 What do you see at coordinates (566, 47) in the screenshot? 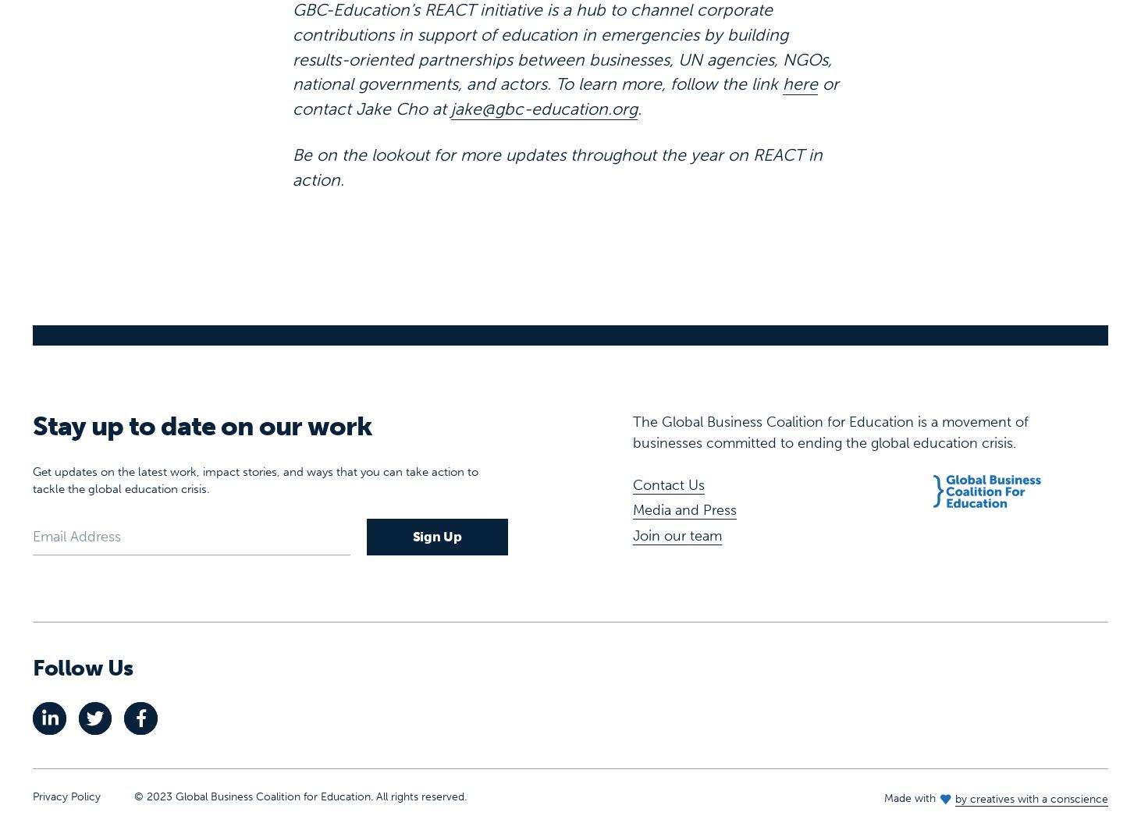
I see `'or contact Jake Cho at'` at bounding box center [566, 47].